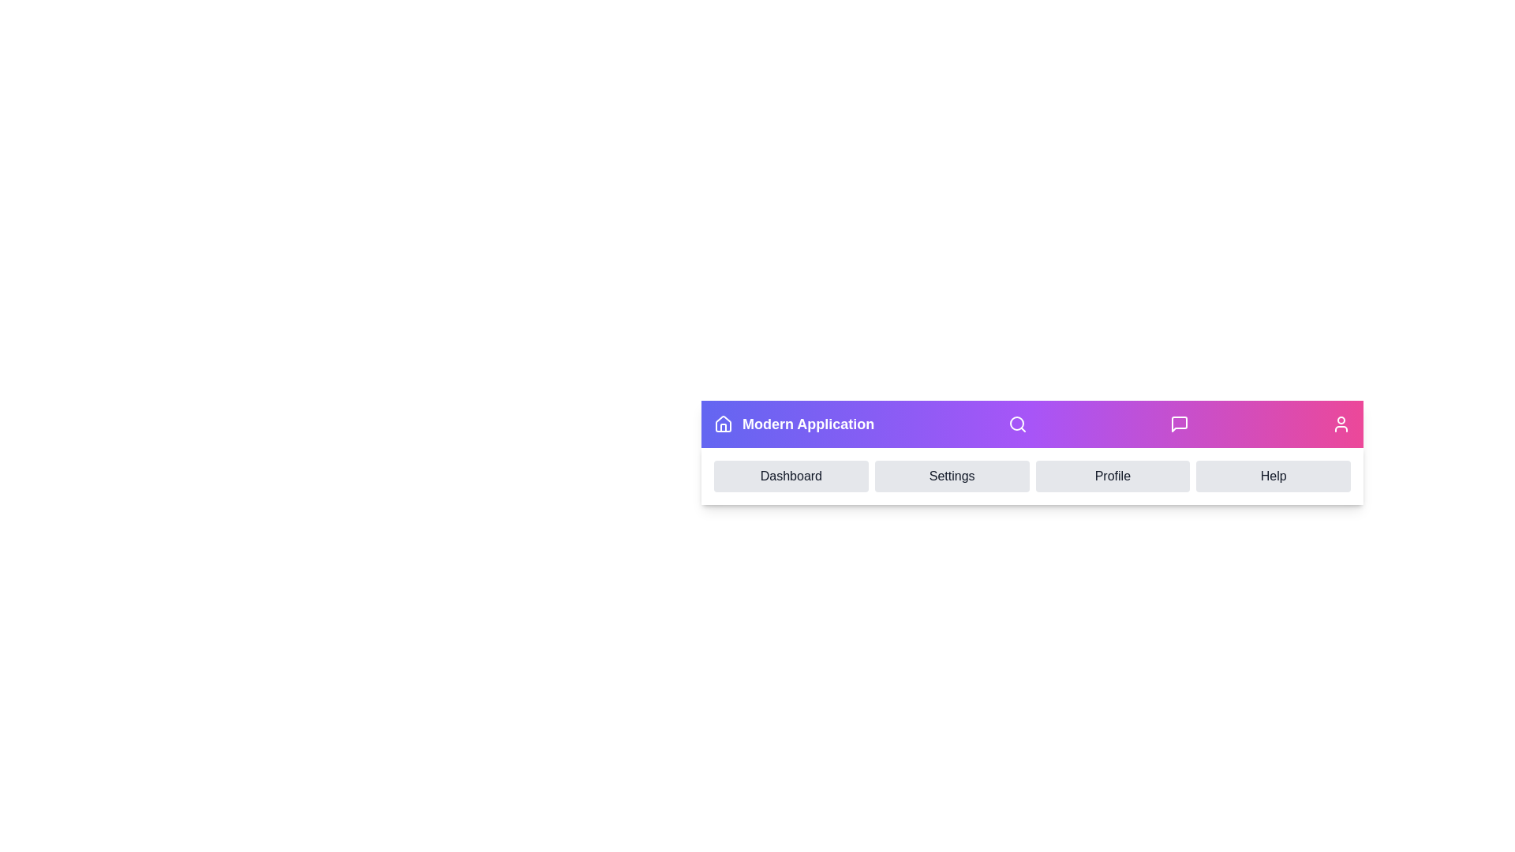  I want to click on the menu item Settings to observe its hover effect, so click(951, 476).